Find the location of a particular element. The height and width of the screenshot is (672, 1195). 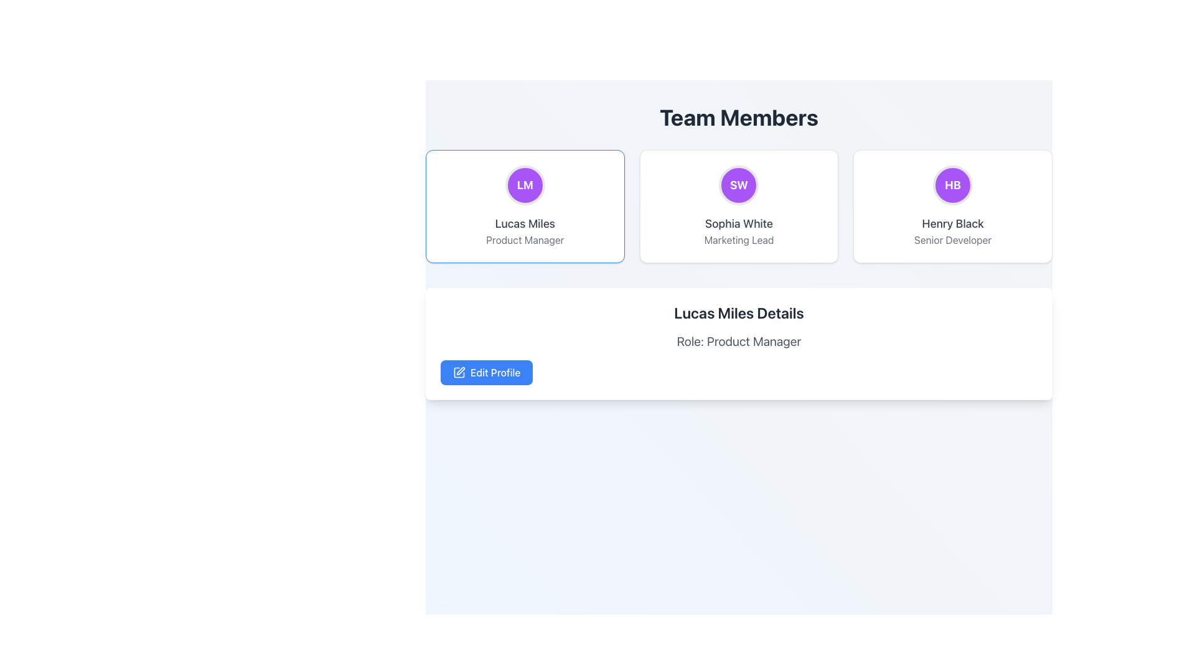

the text label describing the role 'Marketing Lead' for the individual 'Sophia White', located in the middle card of the 'Team Members' section is located at coordinates (739, 240).